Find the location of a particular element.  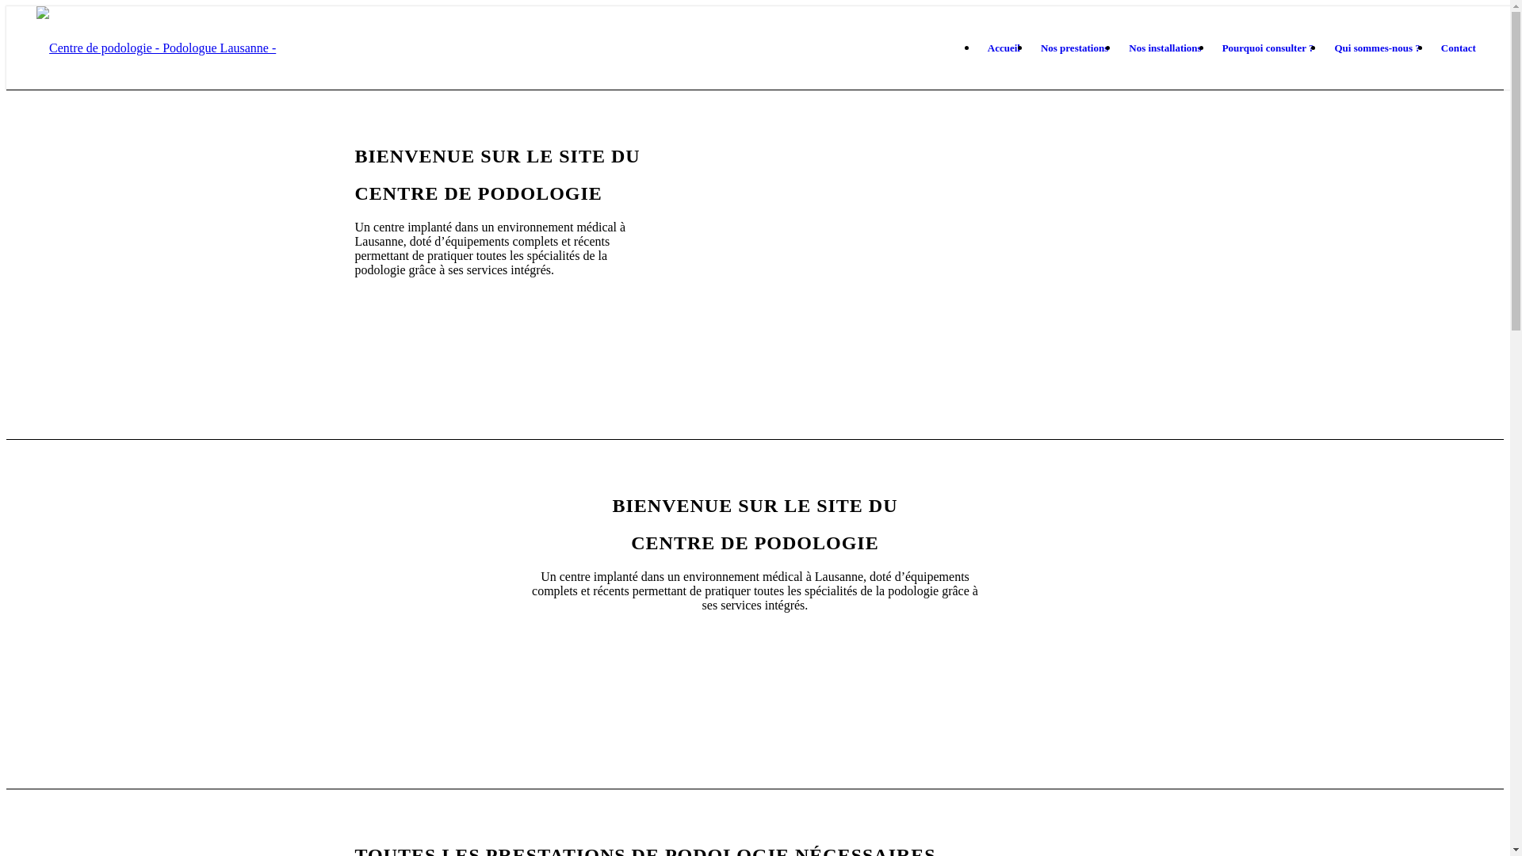

'Contact' is located at coordinates (1458, 47).